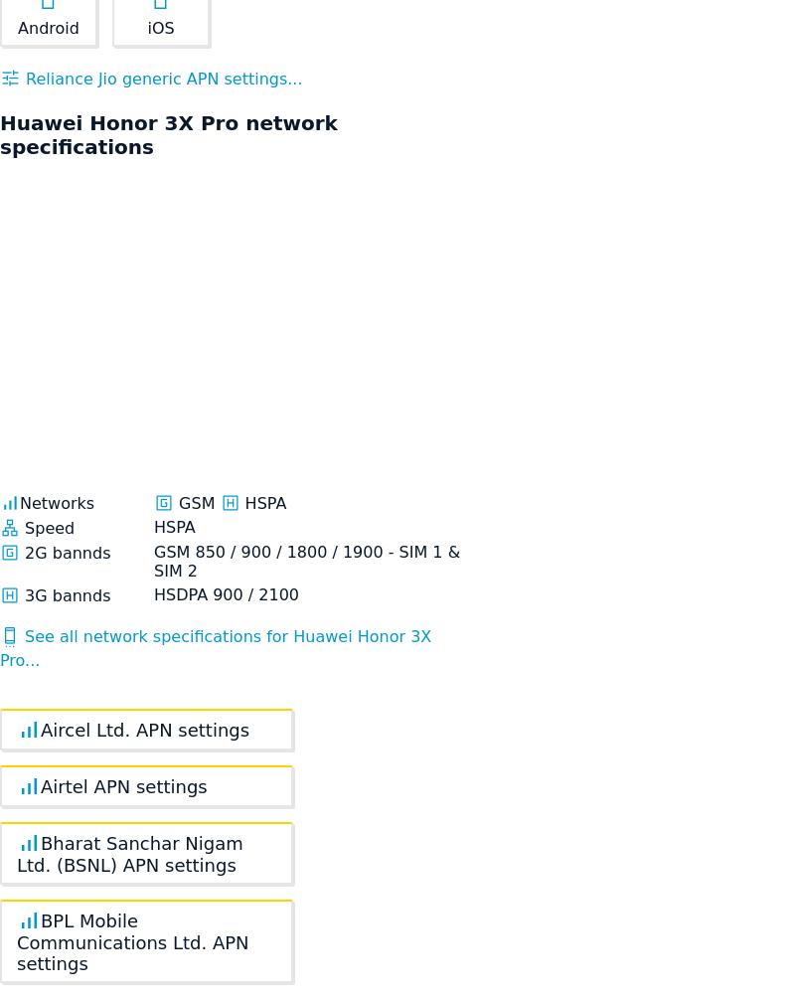 This screenshot has height=998, width=795. I want to click on 'Networks', so click(56, 502).